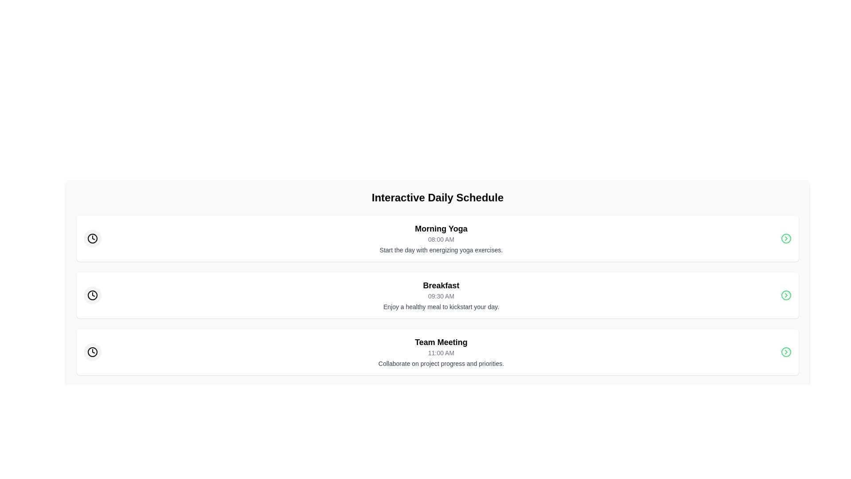 The height and width of the screenshot is (479, 851). What do you see at coordinates (786, 295) in the screenshot?
I see `the navigation button located in the far-right position of the second card labeled 'Breakfast'` at bounding box center [786, 295].